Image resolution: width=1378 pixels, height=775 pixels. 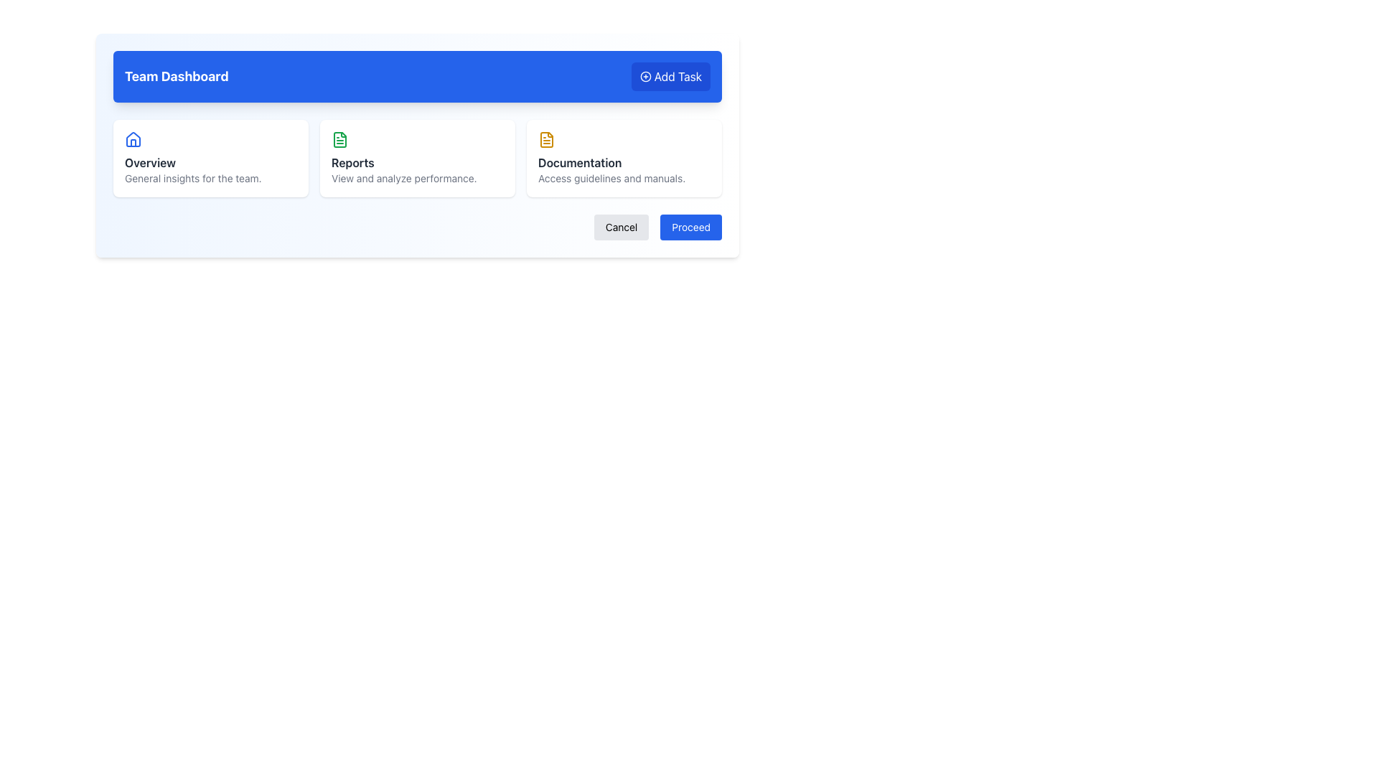 I want to click on text element displaying 'General insights for the team.' which is located directly below the 'Overview' heading, so click(x=192, y=178).